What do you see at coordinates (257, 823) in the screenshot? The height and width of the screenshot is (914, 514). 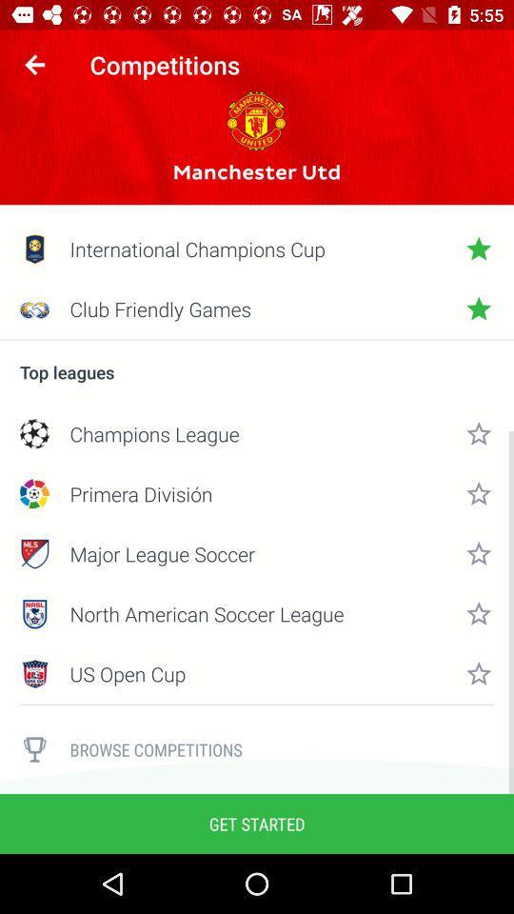 I see `get started item` at bounding box center [257, 823].